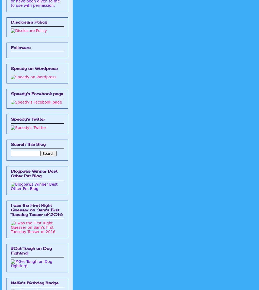  Describe the element at coordinates (37, 210) in the screenshot. I see `'I was the First Right Guesser on Sam's first Tuesday Teaser of 2016'` at that location.